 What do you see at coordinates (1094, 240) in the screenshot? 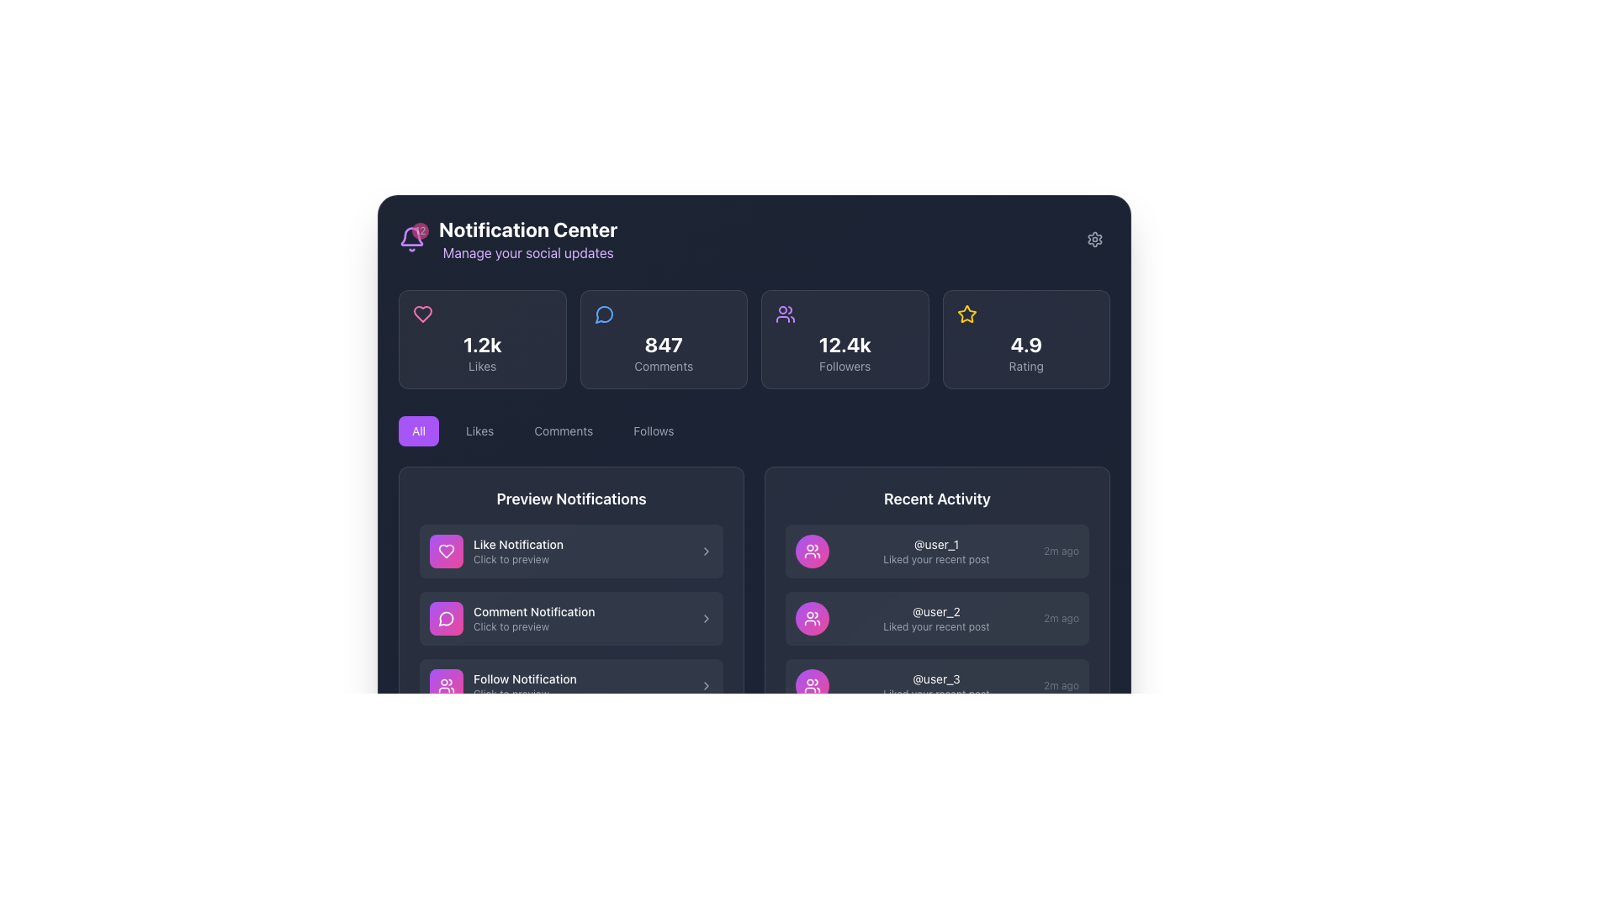
I see `the cogwheel icon in the top-right corner of the interface` at bounding box center [1094, 240].